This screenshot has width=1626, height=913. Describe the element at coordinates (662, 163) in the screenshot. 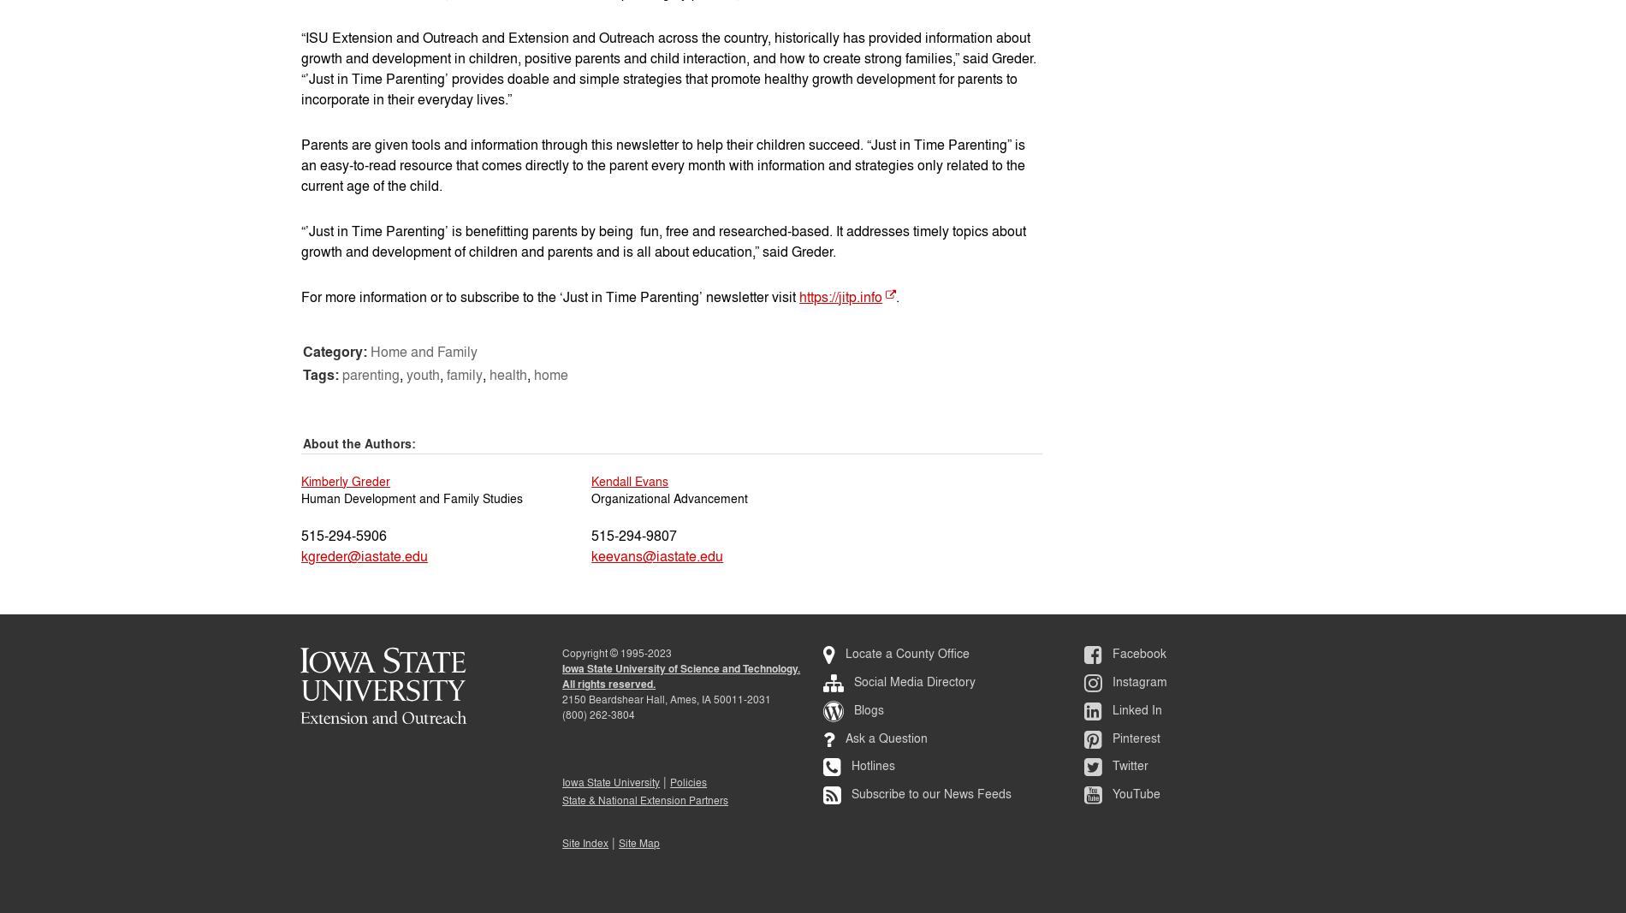

I see `'Parents are given tools and information through this newsletter to help their children succeed. “Just in Time Parenting” is an easy-to-read resource that comes directly to the parent every month with information and strategies only related to the current age of the child.'` at that location.